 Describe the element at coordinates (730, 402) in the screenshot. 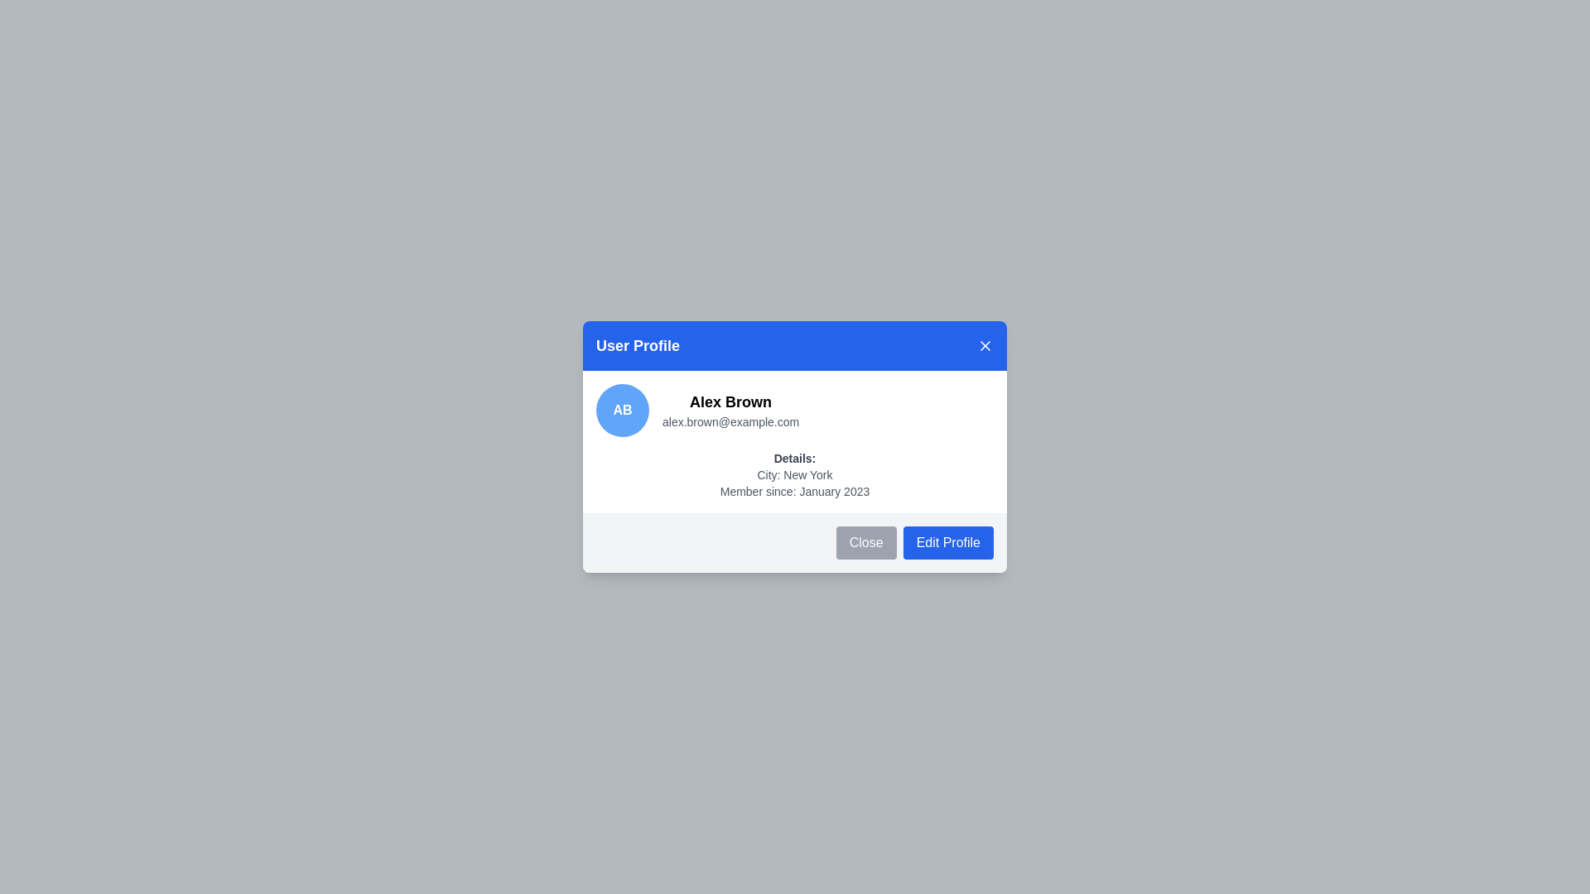

I see `the bolded text label reading 'Alex Brown', which is positioned above the email address in the user profile card popup` at that location.